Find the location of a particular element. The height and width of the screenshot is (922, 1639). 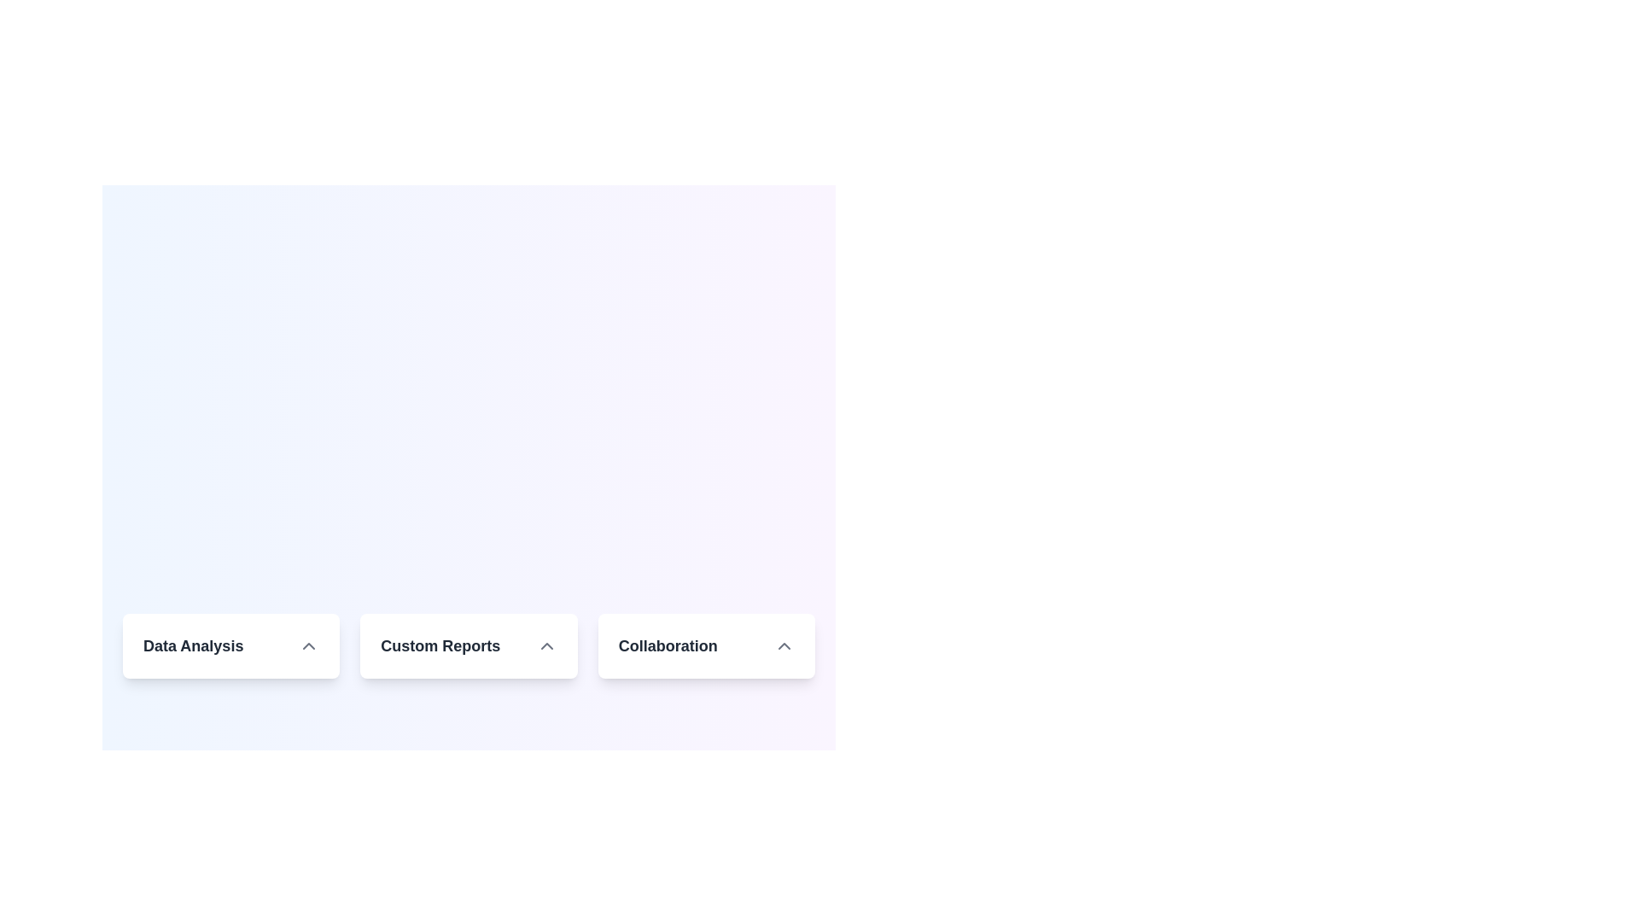

text from the 'Custom Reports' label, which is a large, bold, dark gray text centered within the second button of a horizontal row of buttons is located at coordinates (440, 645).